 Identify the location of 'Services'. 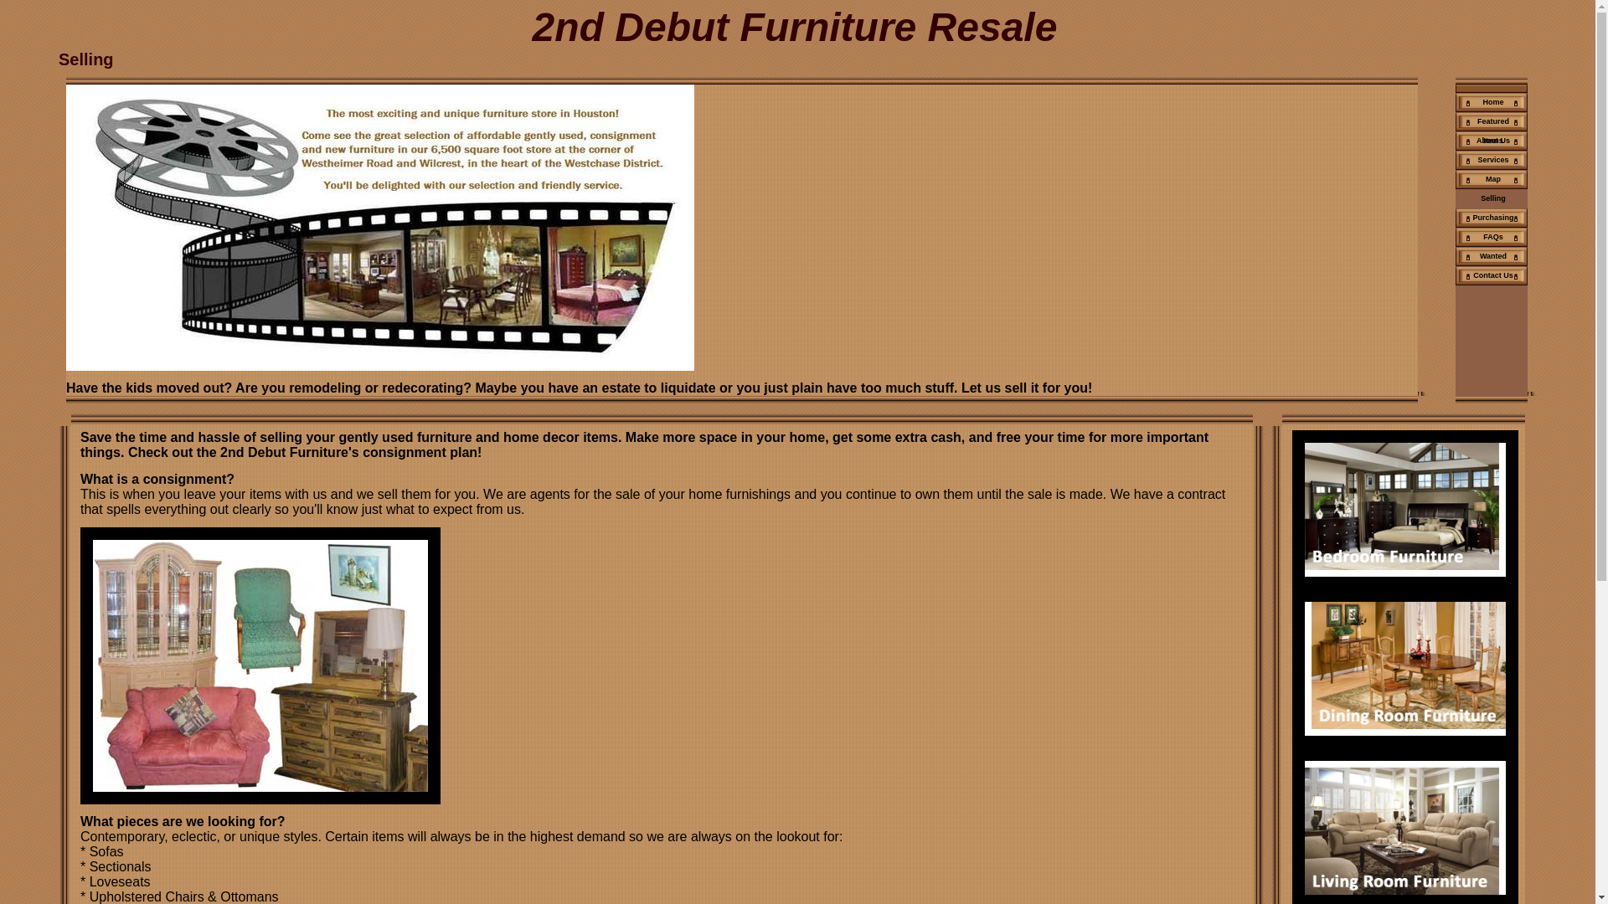
(1491, 160).